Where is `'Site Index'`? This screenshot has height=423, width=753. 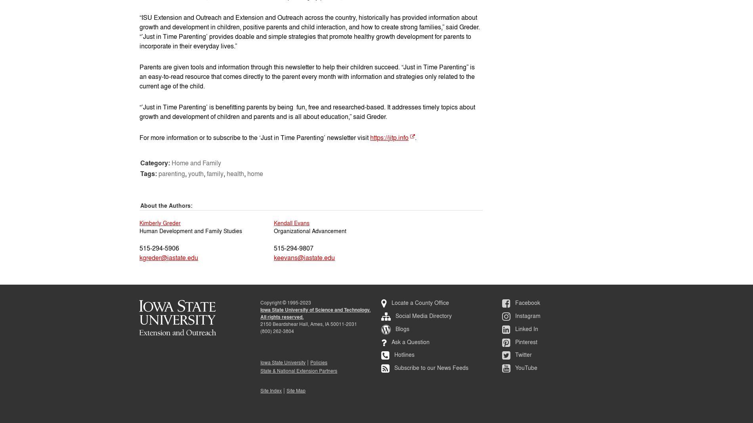
'Site Index' is located at coordinates (271, 390).